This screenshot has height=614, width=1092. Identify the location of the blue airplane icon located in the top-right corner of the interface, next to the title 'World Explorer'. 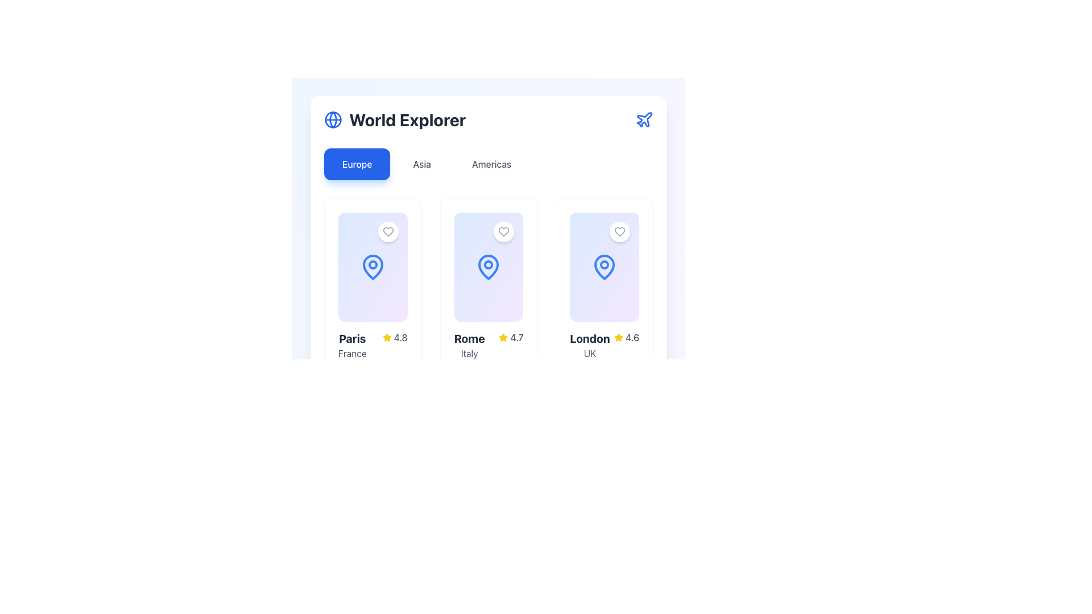
(644, 119).